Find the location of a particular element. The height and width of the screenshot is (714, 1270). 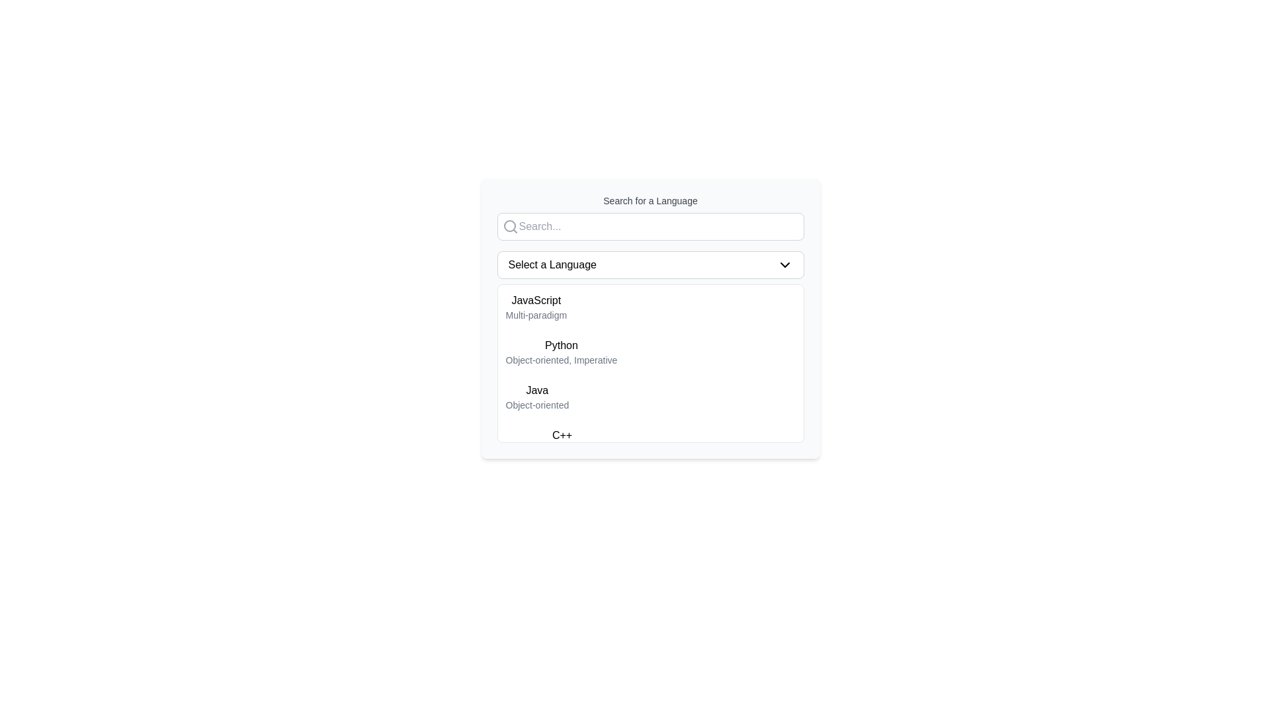

text label that provides additional information about 'JavaScript', indicating it is 'Multi-paradigm', located under the 'JavaScript' title in the dropdown list is located at coordinates (536, 315).